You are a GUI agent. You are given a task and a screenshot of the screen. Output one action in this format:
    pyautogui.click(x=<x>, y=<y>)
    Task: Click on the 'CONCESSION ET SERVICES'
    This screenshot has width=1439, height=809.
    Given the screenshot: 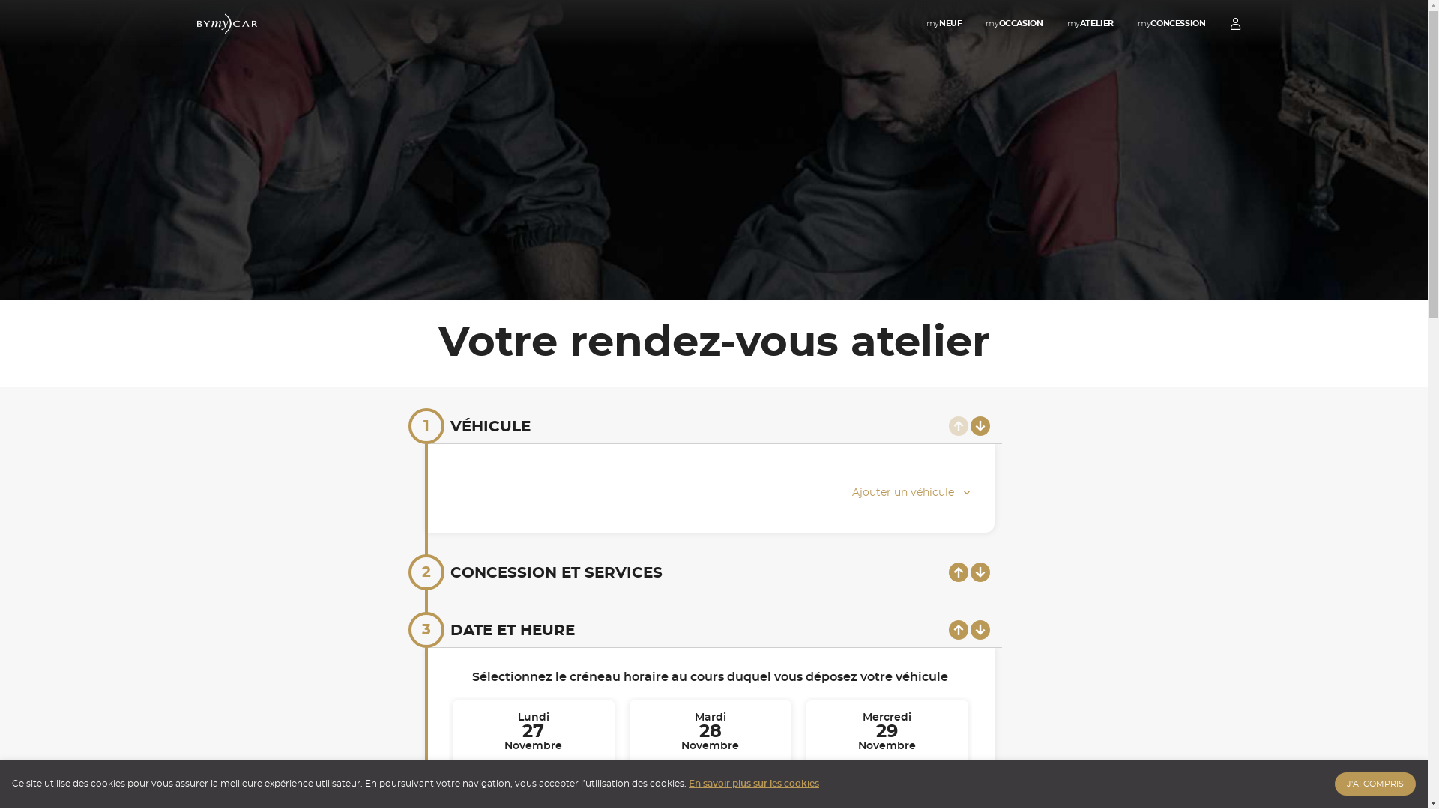 What is the action you would take?
    pyautogui.click(x=555, y=572)
    